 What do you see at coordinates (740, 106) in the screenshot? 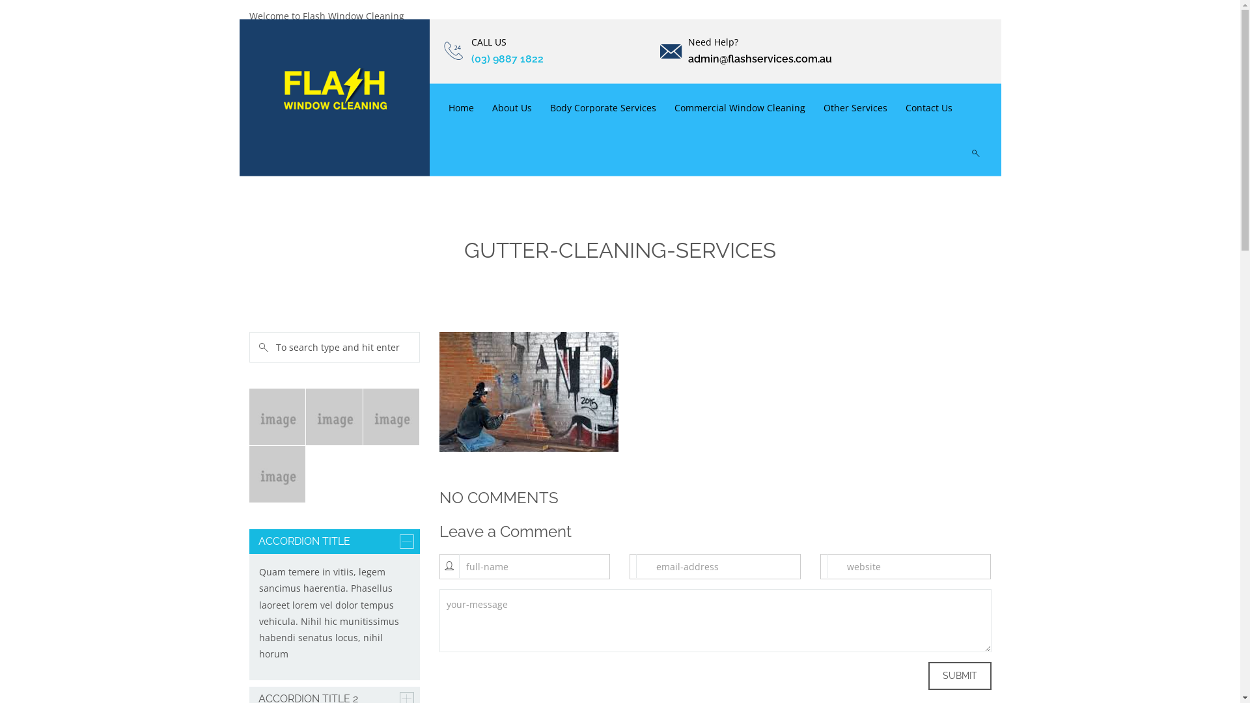
I see `'Commercial Window Cleaning'` at bounding box center [740, 106].